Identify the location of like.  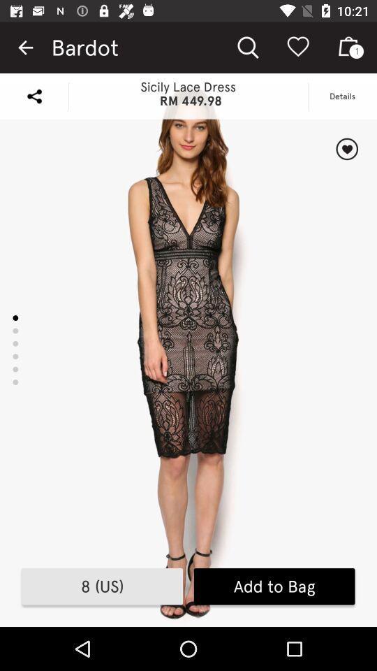
(346, 149).